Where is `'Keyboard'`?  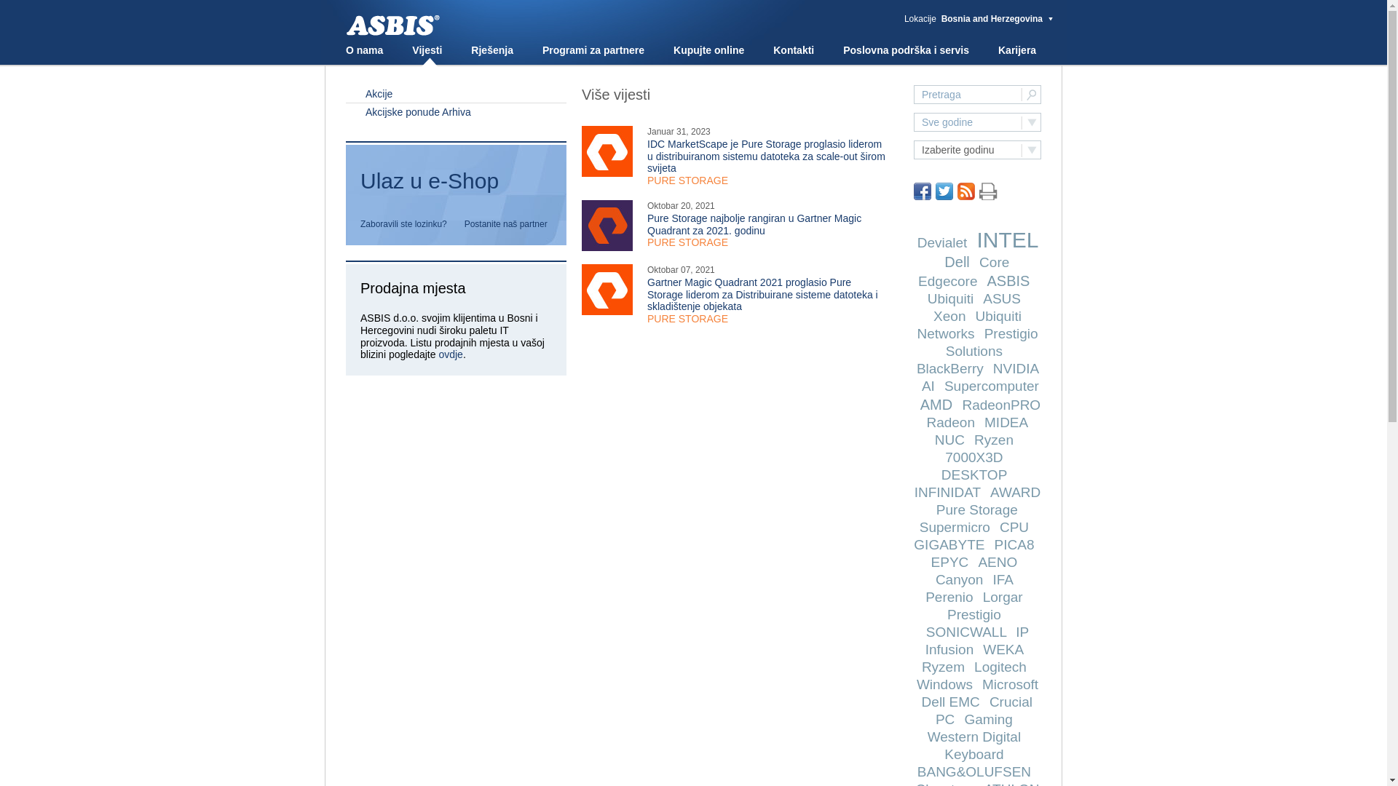 'Keyboard' is located at coordinates (974, 753).